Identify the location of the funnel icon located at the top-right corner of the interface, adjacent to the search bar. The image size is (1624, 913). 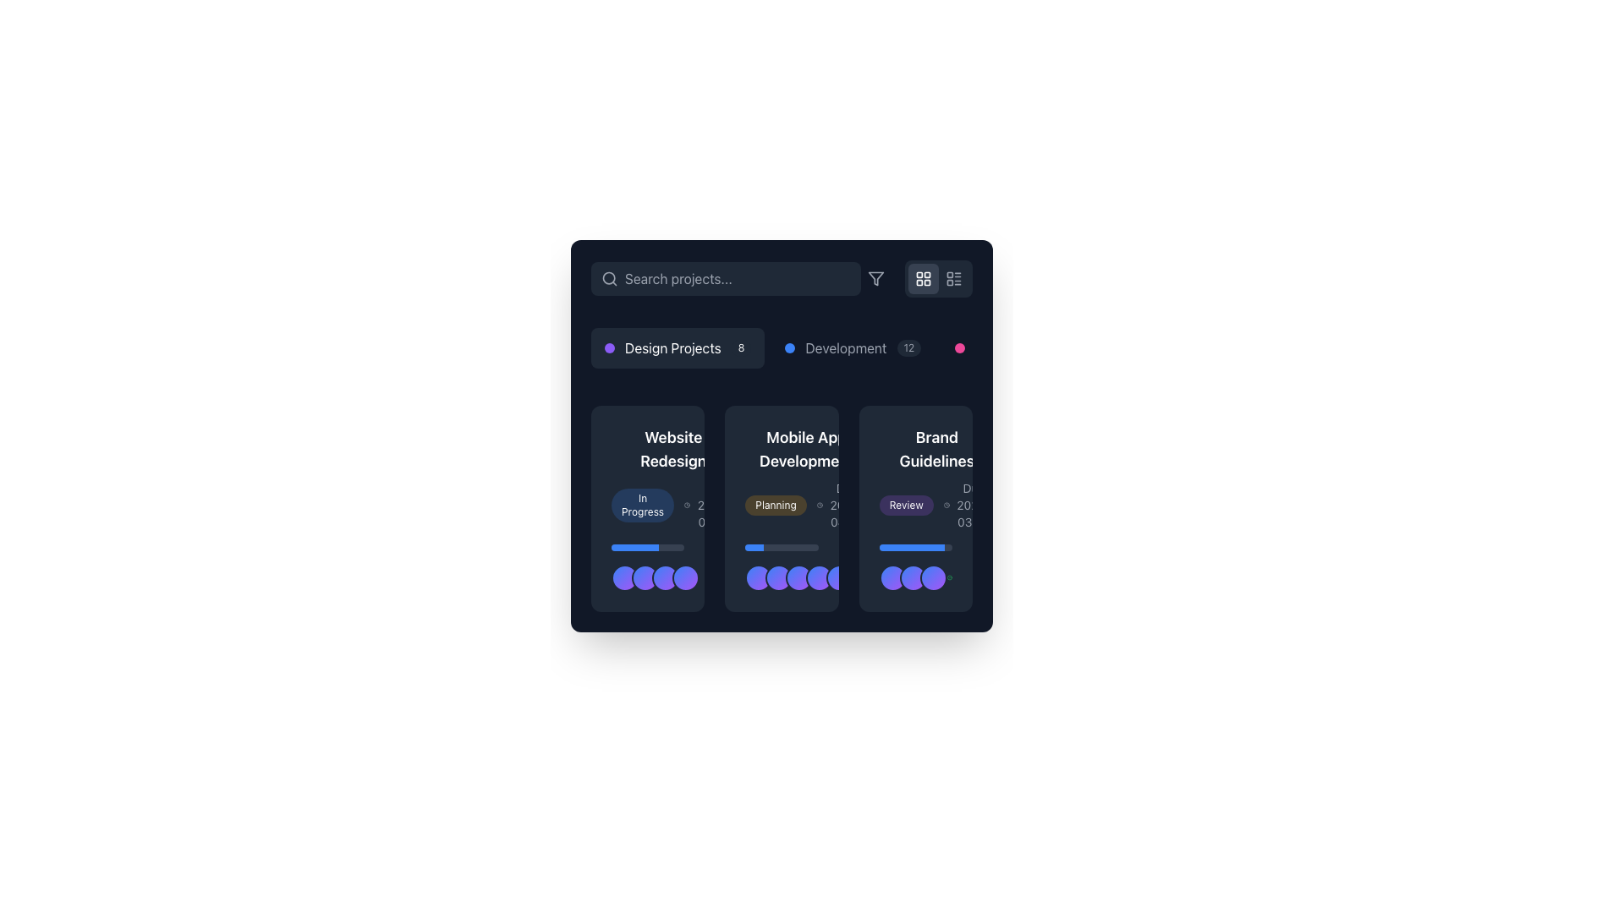
(876, 278).